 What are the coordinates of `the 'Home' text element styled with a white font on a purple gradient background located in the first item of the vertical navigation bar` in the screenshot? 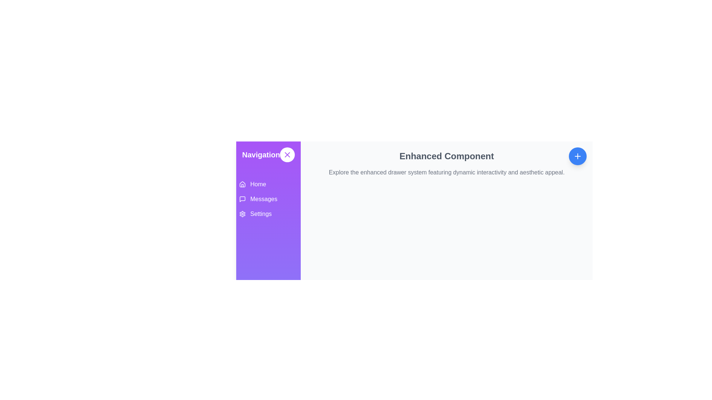 It's located at (258, 184).